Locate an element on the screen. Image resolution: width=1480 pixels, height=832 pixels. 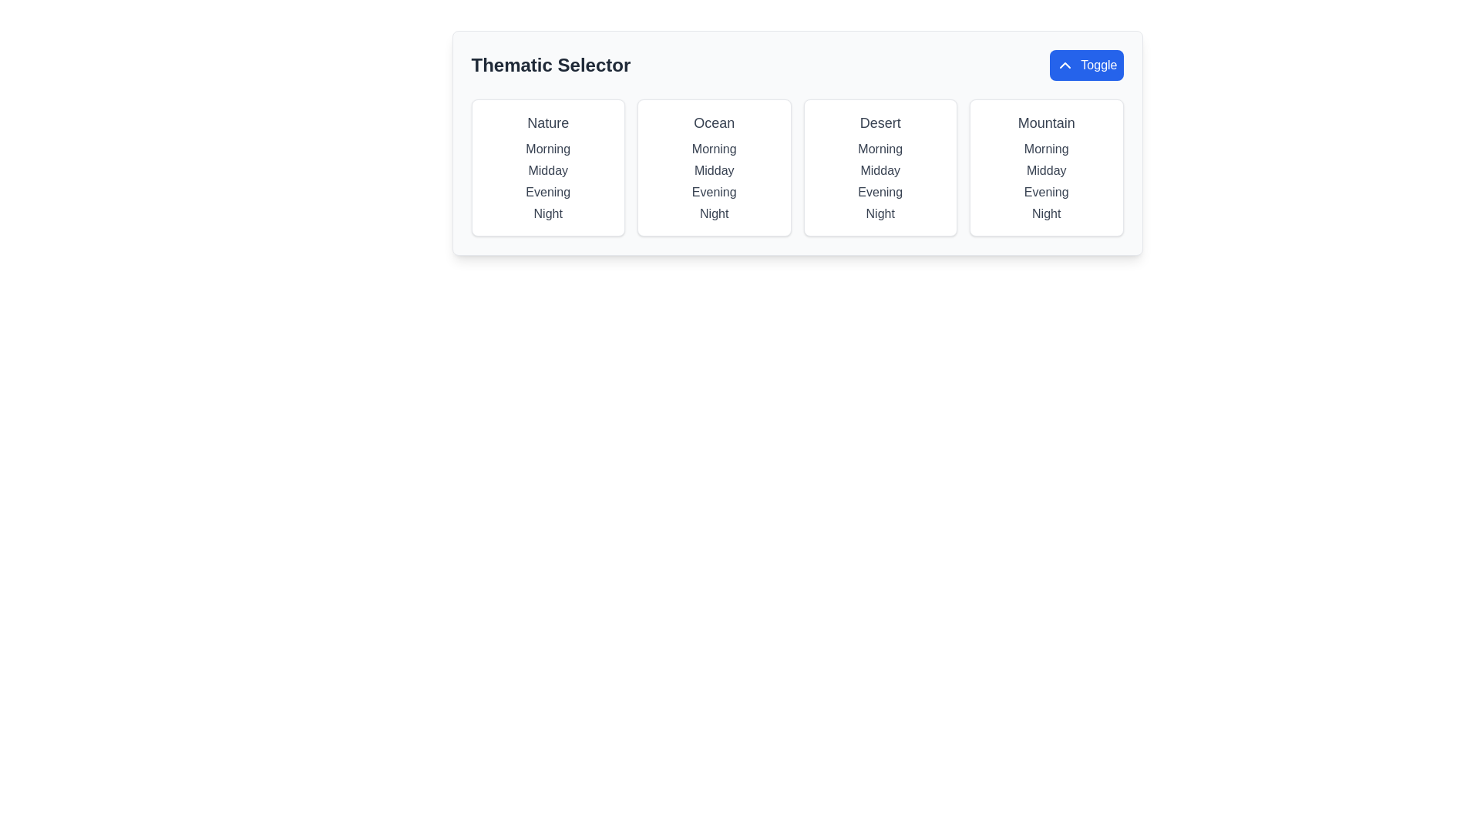
labels from the vertically stacked list of text labels: 'Morning', 'Midday', 'Evening', and 'Night' located in the second column beneath the 'Ocean' label is located at coordinates (713, 180).